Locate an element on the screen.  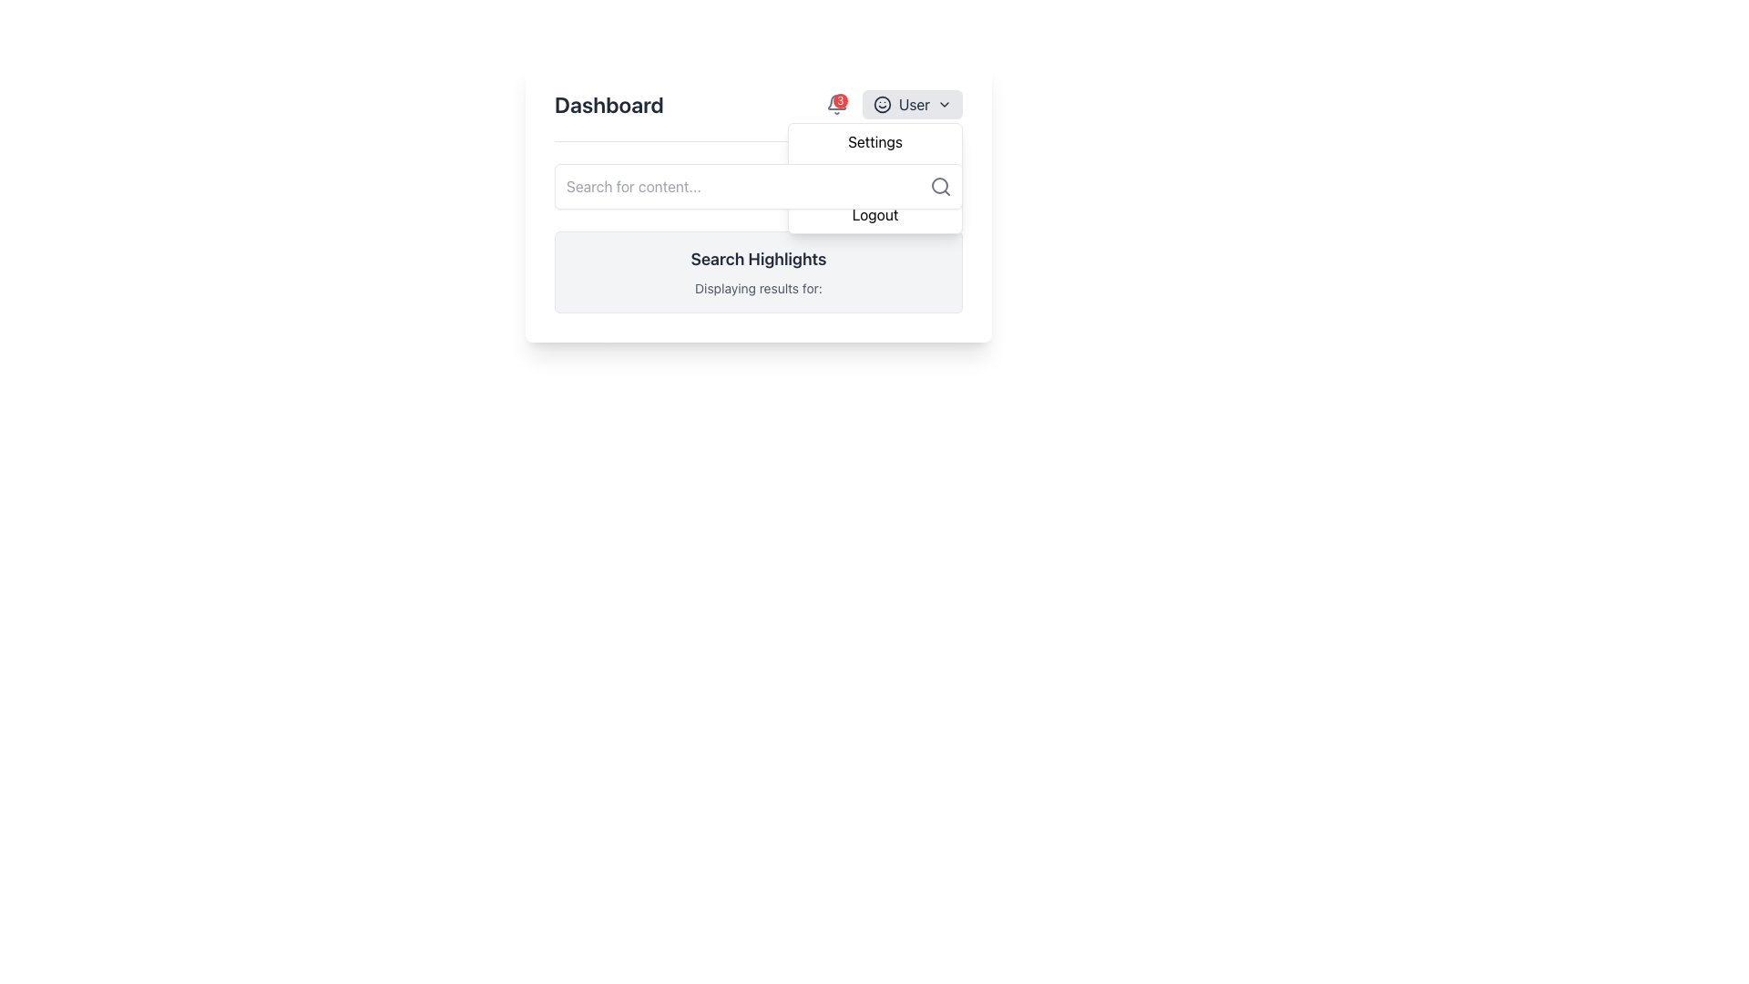
the informational Text label located below the 'Search Highlights' header, which provides context for displayed results is located at coordinates (759, 287).